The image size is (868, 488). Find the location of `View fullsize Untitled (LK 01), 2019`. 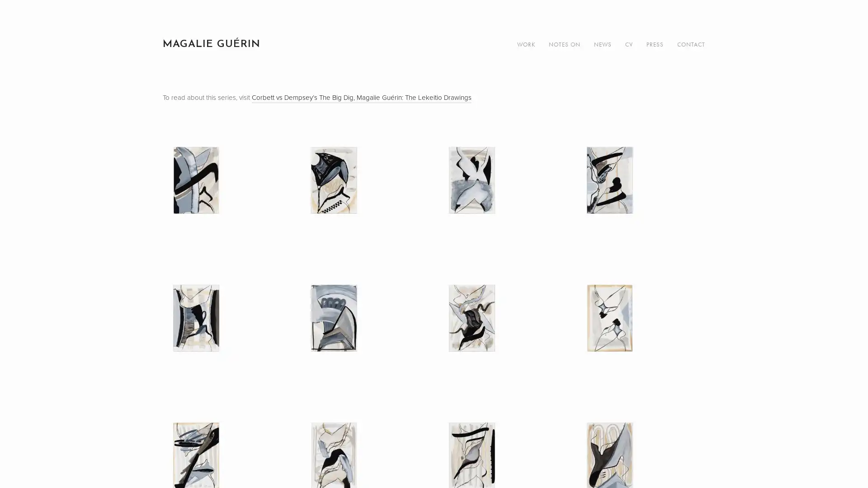

View fullsize Untitled (LK 01), 2019 is located at coordinates (227, 211).